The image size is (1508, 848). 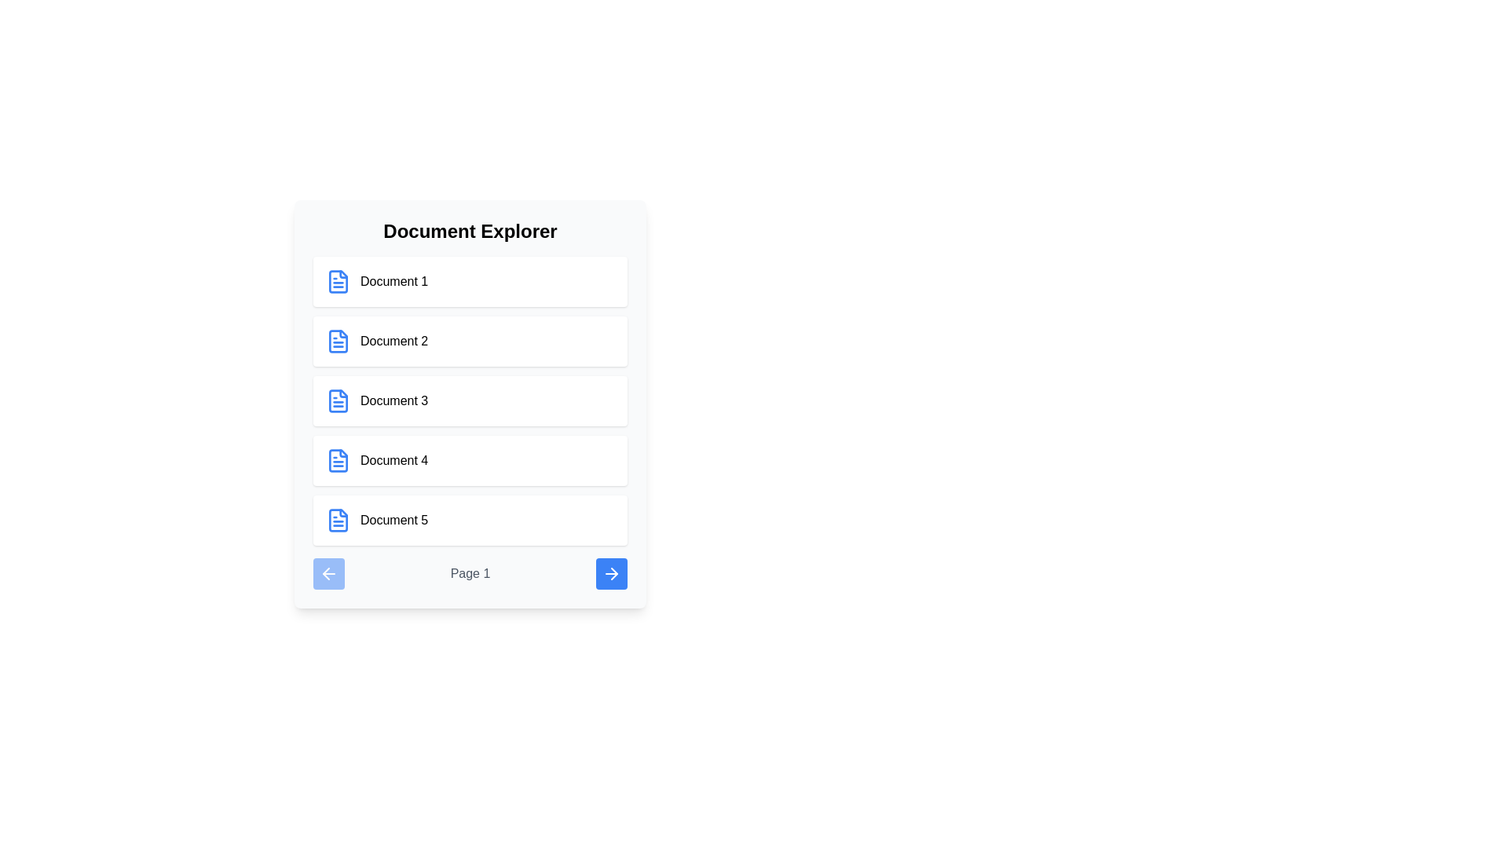 What do you see at coordinates (394, 400) in the screenshot?
I see `the text label displaying 'Document 3' to initiate a selection action` at bounding box center [394, 400].